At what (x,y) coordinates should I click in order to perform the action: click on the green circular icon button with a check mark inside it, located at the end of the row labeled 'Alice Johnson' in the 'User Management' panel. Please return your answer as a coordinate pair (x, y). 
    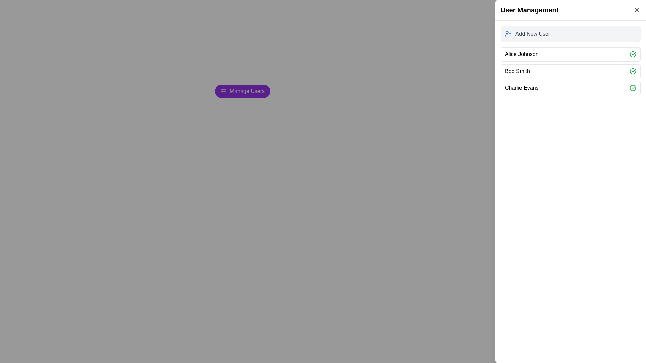
    Looking at the image, I should click on (633, 54).